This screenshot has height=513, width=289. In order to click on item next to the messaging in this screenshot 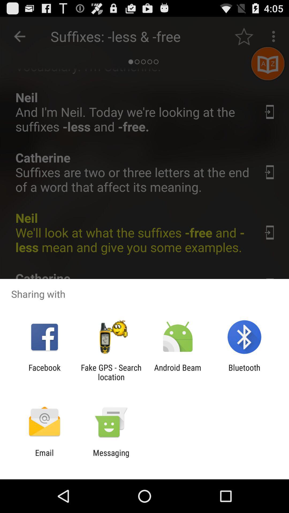, I will do `click(44, 457)`.